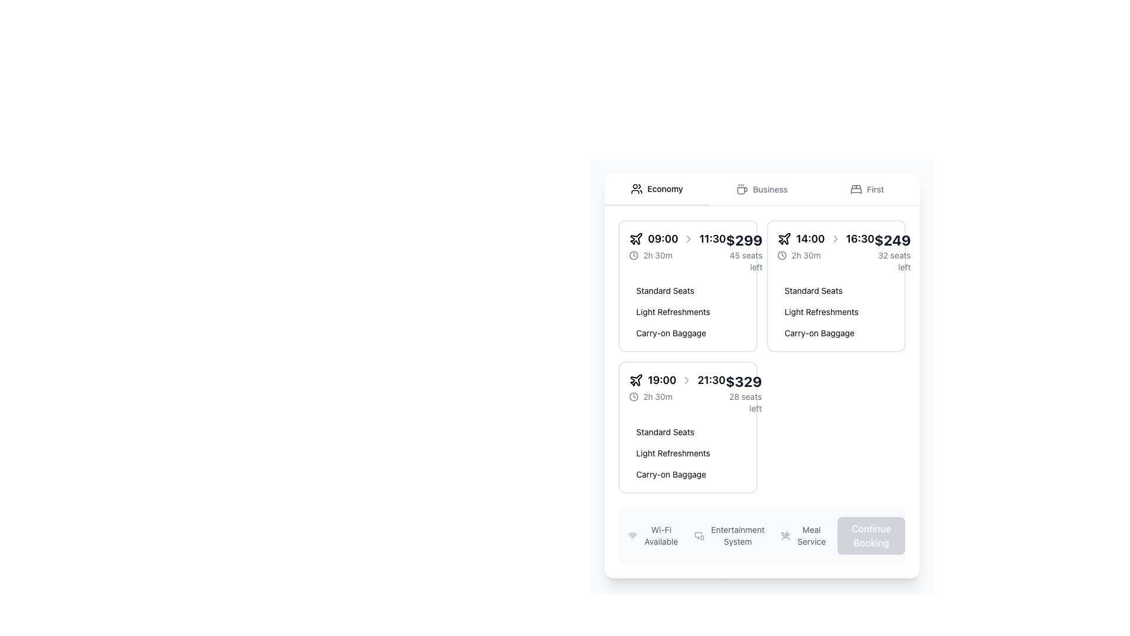 Image resolution: width=1130 pixels, height=636 pixels. Describe the element at coordinates (673, 311) in the screenshot. I see `the 'Light Refreshments' label, which is the middle tag in a group of three, positioned between 'Standard Seats' and 'Carry-on Baggage'` at that location.